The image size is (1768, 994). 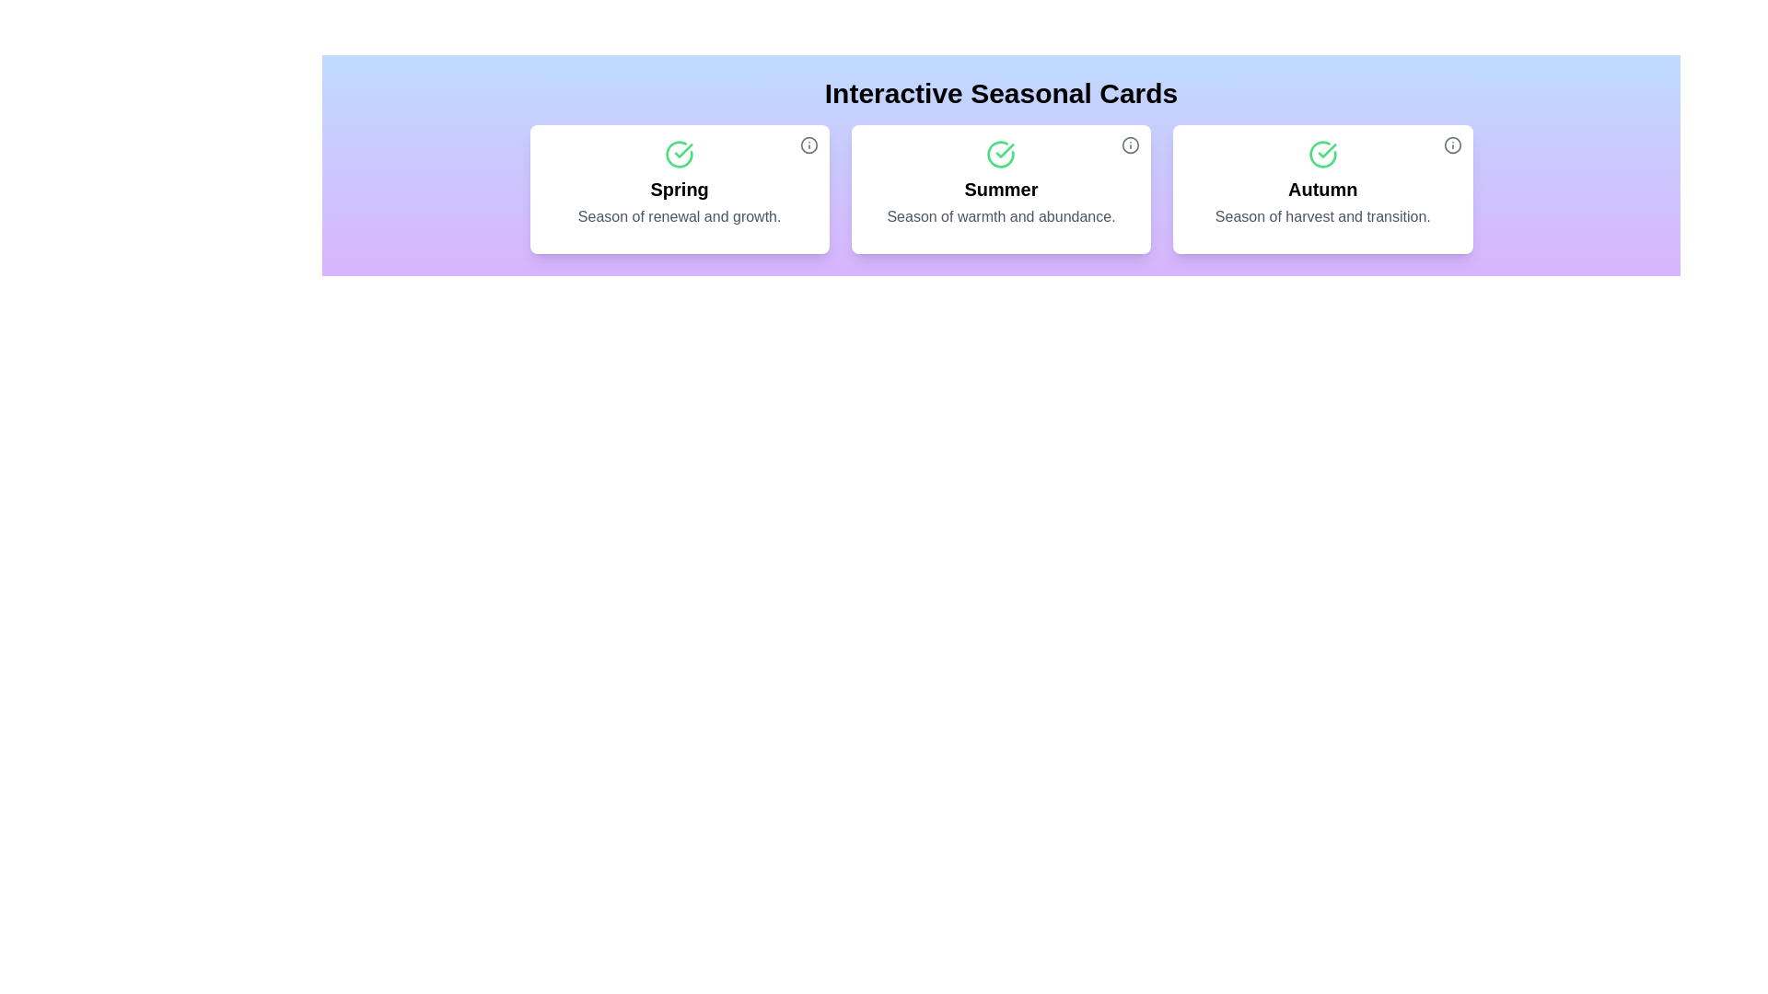 I want to click on the label indicating the seasonal theme 'Autumn' located at the top center of the third card in a sequence of seasonal information cards, so click(x=1321, y=189).